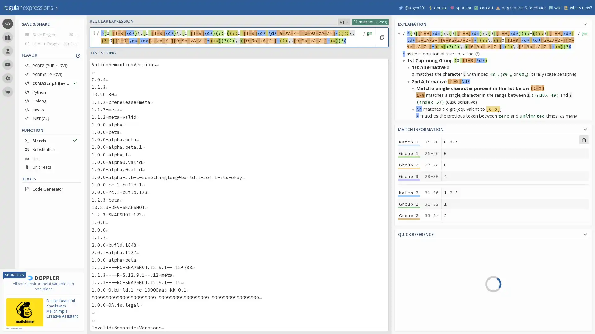 This screenshot has height=334, width=595. I want to click on Java 8, so click(51, 109).